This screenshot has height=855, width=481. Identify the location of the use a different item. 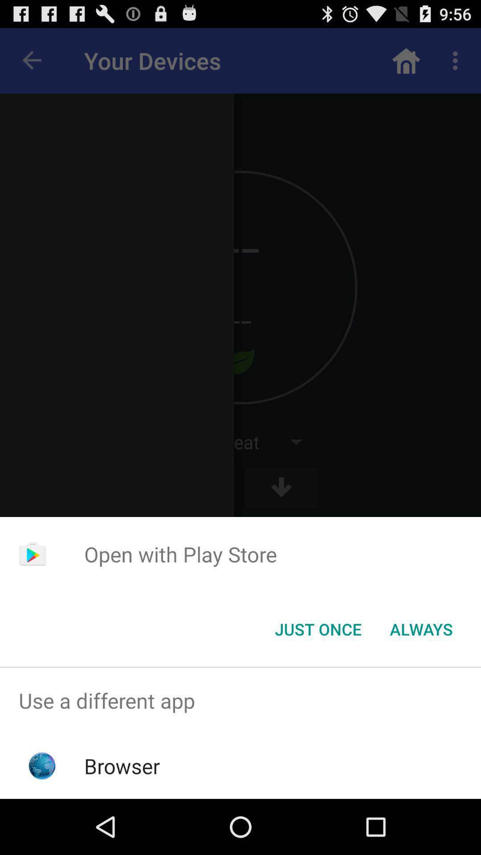
(240, 700).